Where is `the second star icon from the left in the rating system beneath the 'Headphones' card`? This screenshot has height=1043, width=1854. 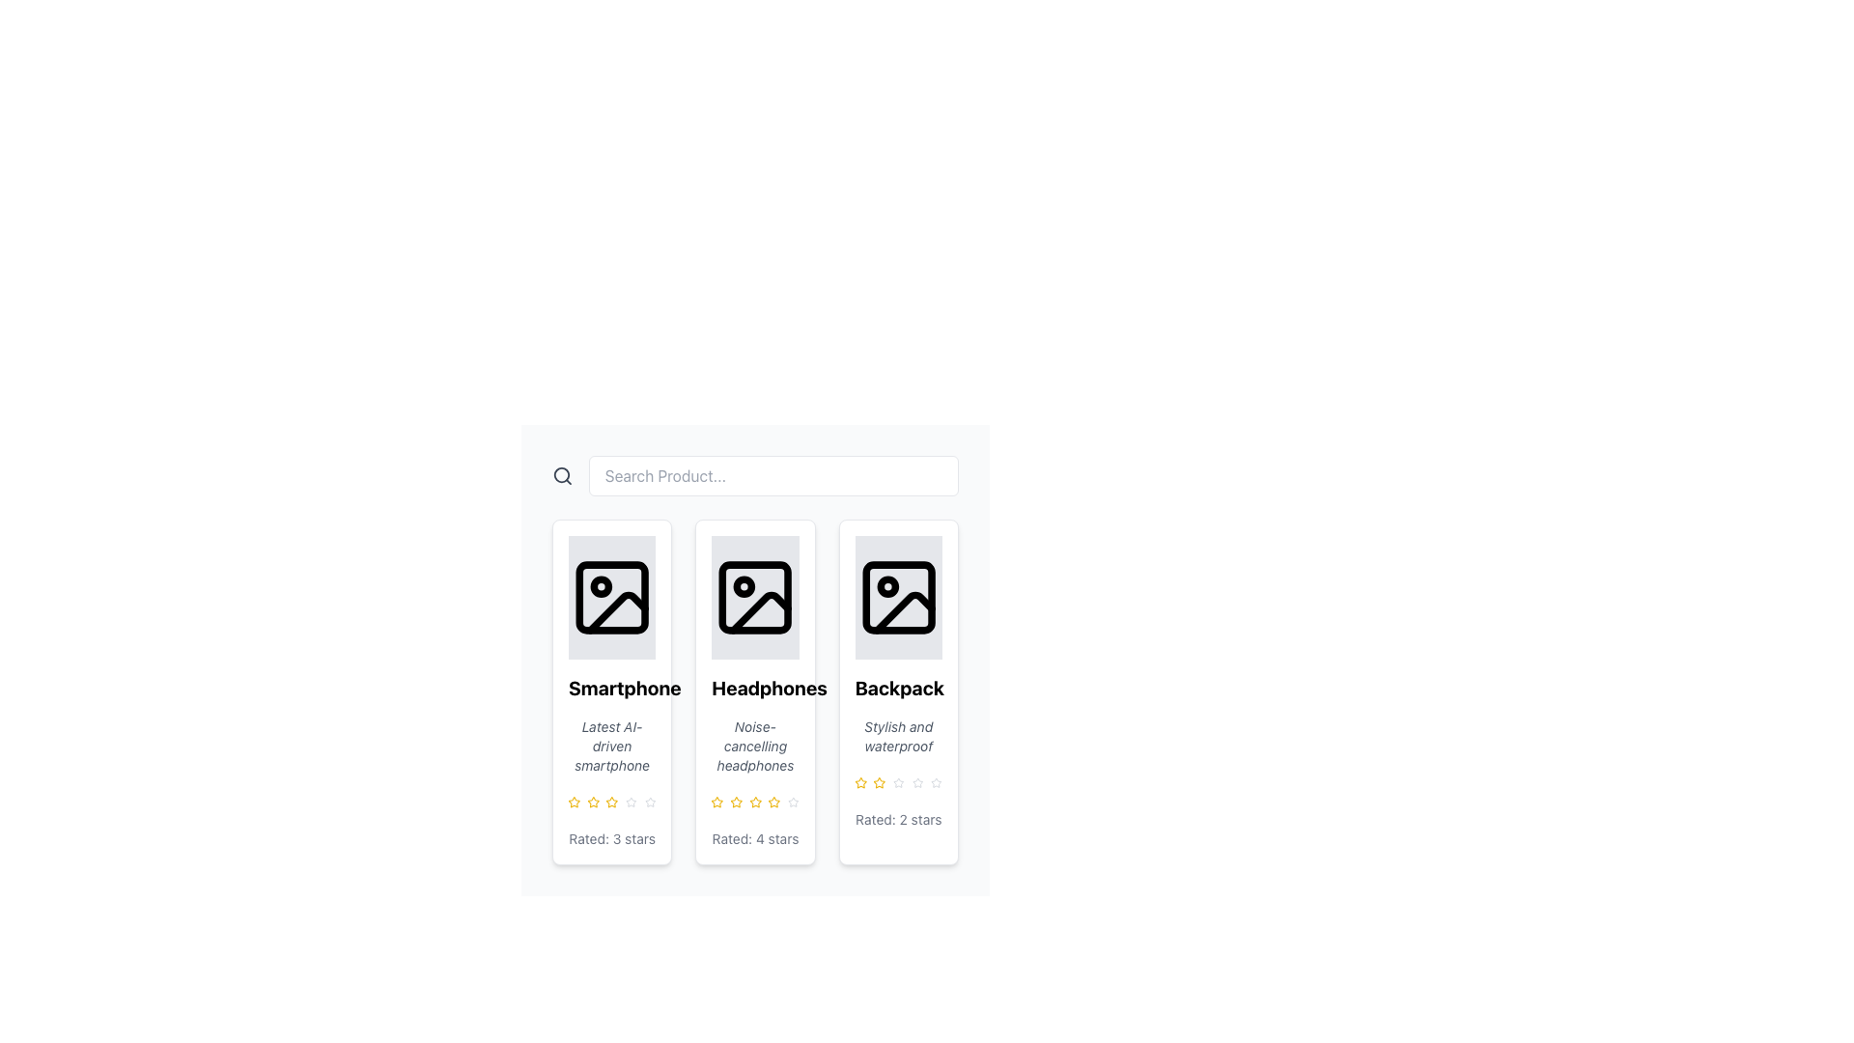 the second star icon from the left in the rating system beneath the 'Headphones' card is located at coordinates (716, 802).